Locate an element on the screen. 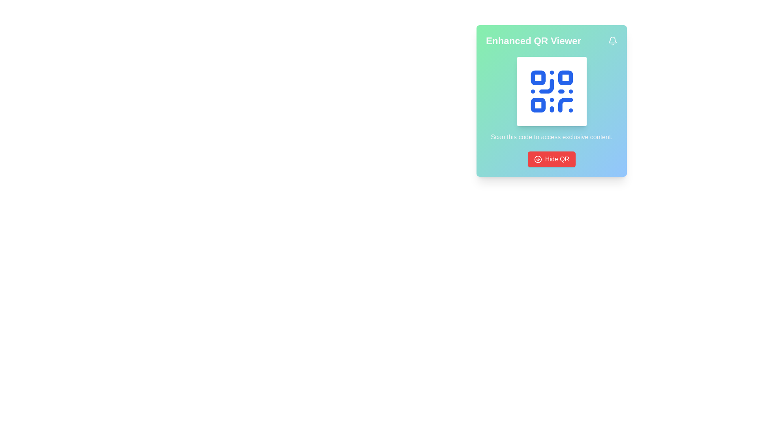 The height and width of the screenshot is (426, 758). the third square element of the QR code, which is a small blue square with rounded corners, located at the bottom-left corner of the QR code is located at coordinates (537, 105).